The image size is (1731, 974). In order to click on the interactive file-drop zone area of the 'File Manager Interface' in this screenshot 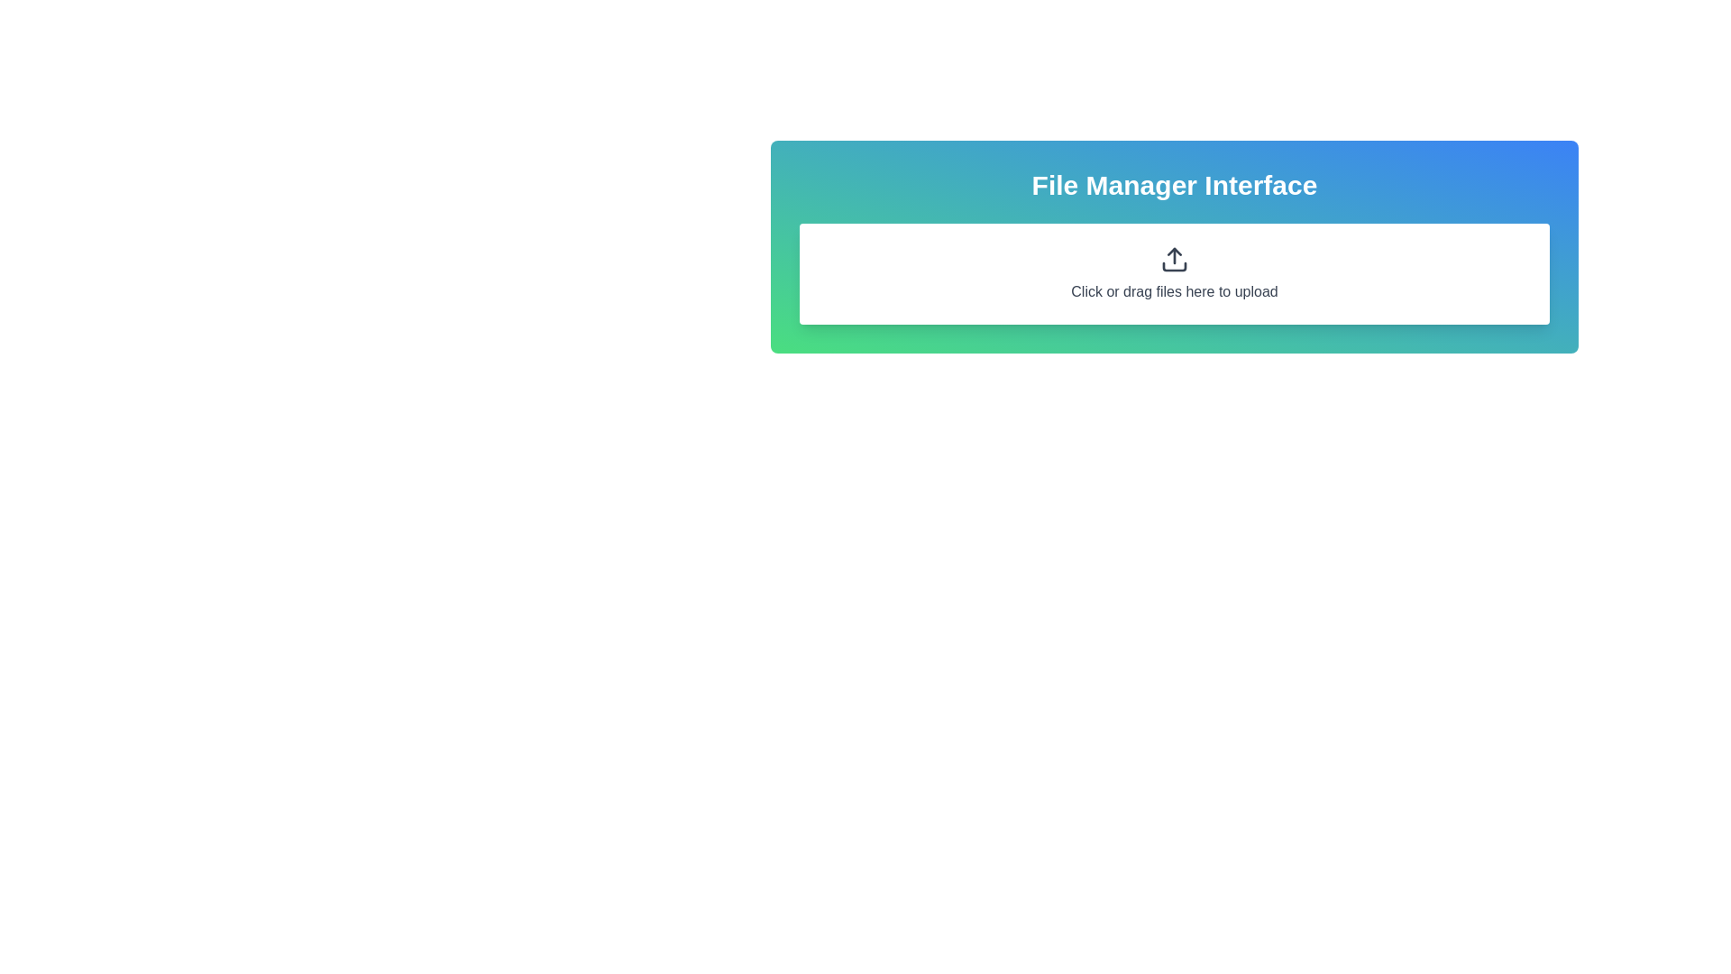, I will do `click(1174, 246)`.